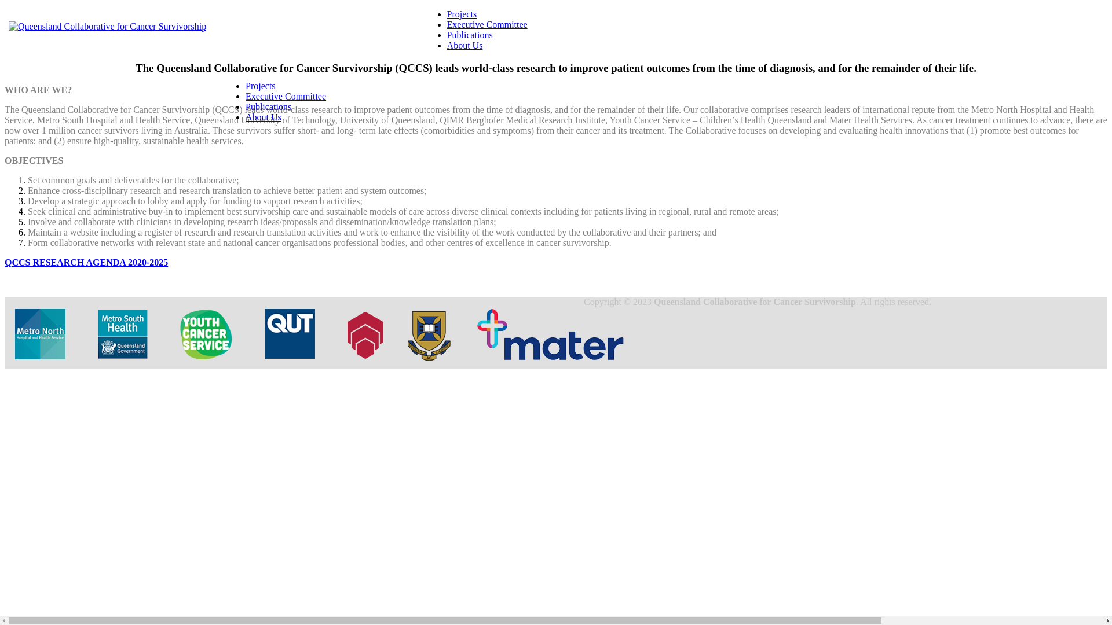  I want to click on 'QCCS RESEARCH AGENDA 2020-2025', so click(85, 262).